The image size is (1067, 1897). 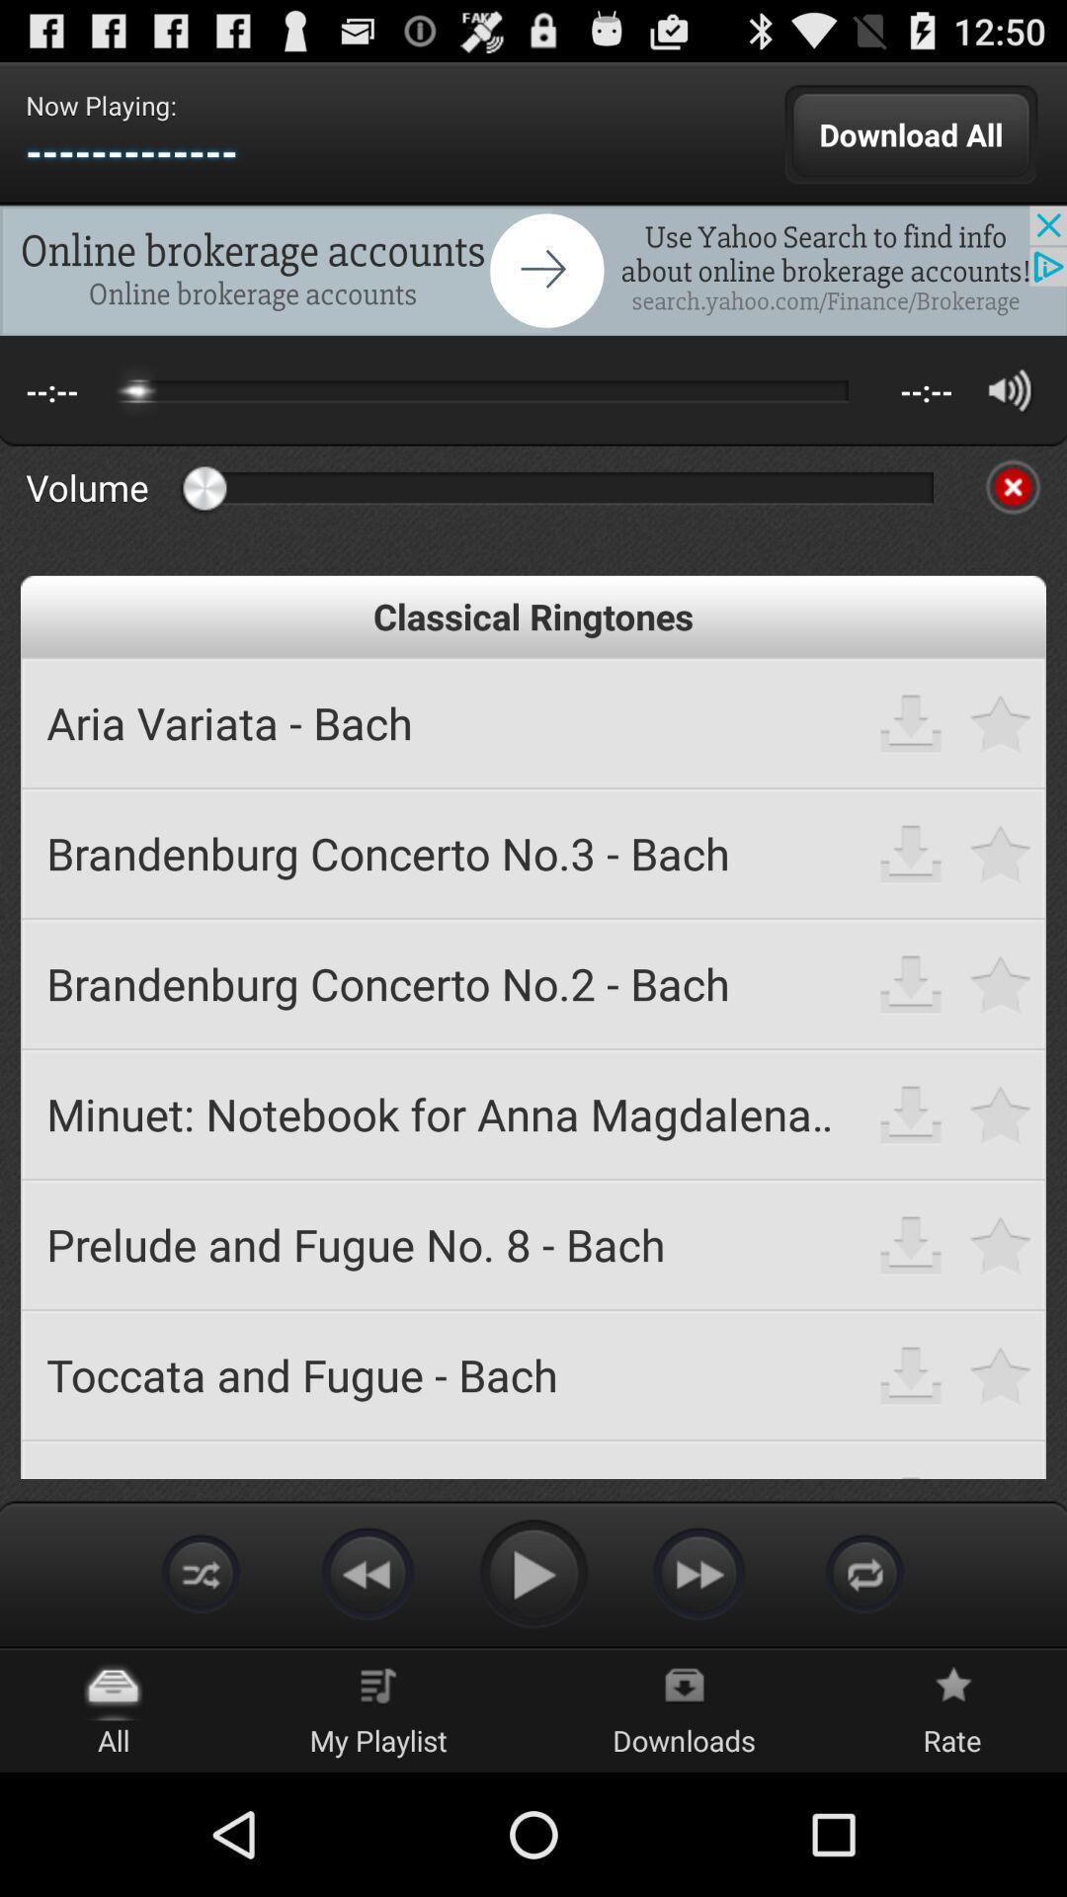 I want to click on ringtone, so click(x=1001, y=983).